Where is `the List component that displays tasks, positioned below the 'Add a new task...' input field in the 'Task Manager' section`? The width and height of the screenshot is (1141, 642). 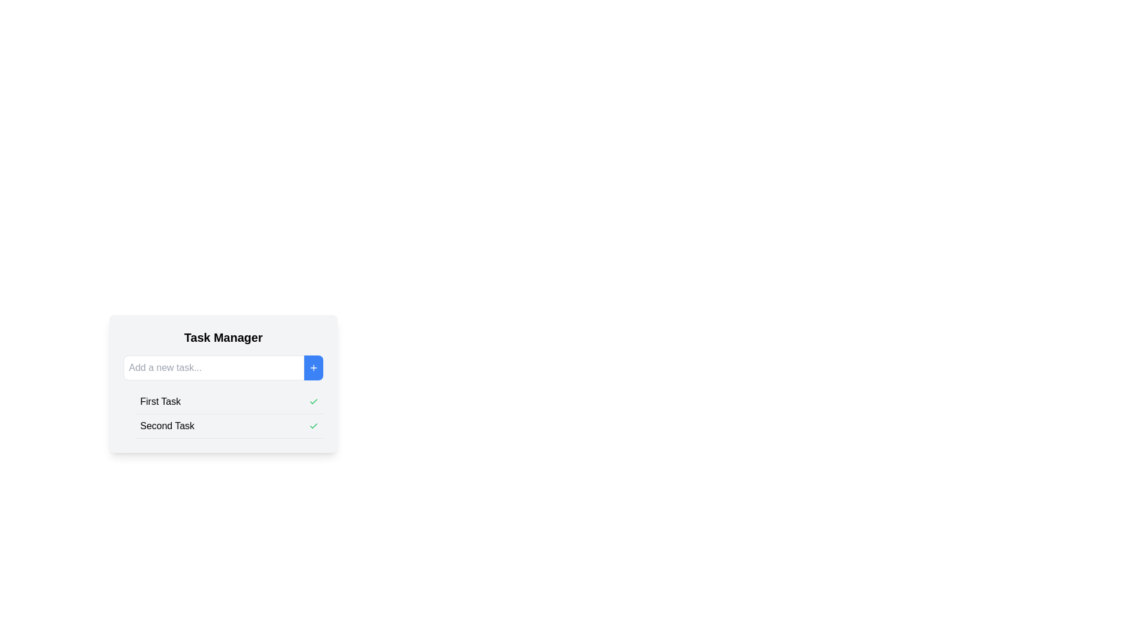
the List component that displays tasks, positioned below the 'Add a new task...' input field in the 'Task Manager' section is located at coordinates (223, 414).